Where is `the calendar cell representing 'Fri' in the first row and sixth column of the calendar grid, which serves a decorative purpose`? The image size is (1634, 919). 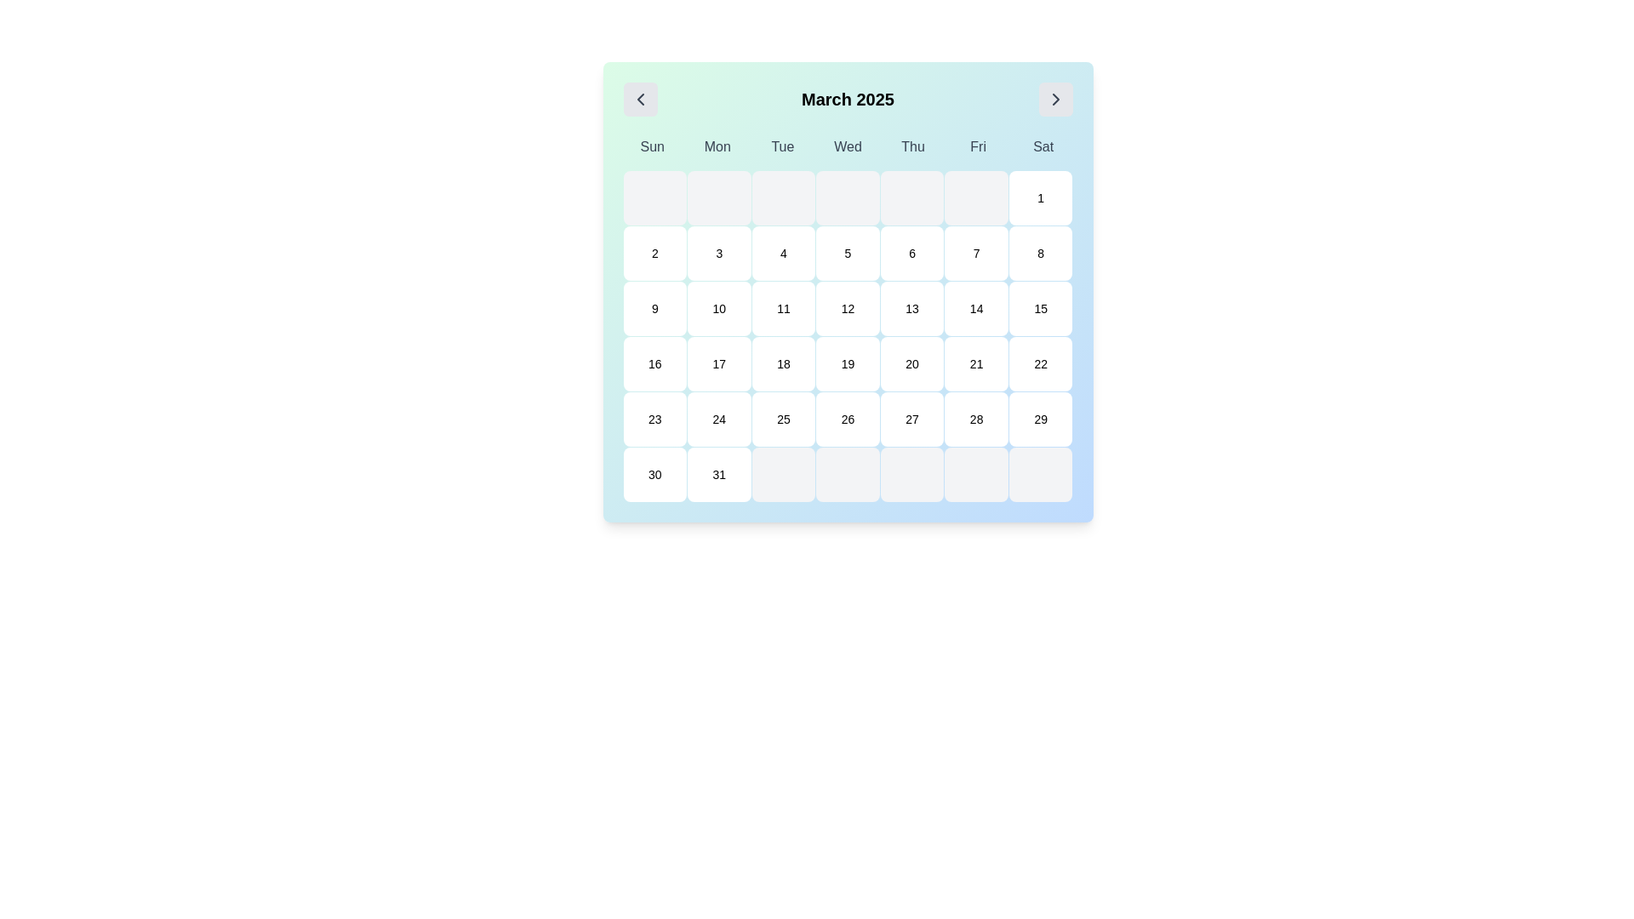 the calendar cell representing 'Fri' in the first row and sixth column of the calendar grid, which serves a decorative purpose is located at coordinates (976, 197).